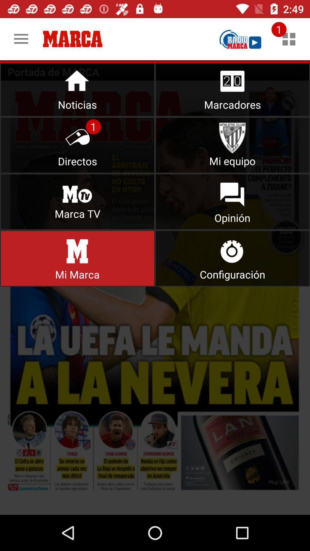 This screenshot has height=551, width=310. I want to click on home button, so click(77, 88).